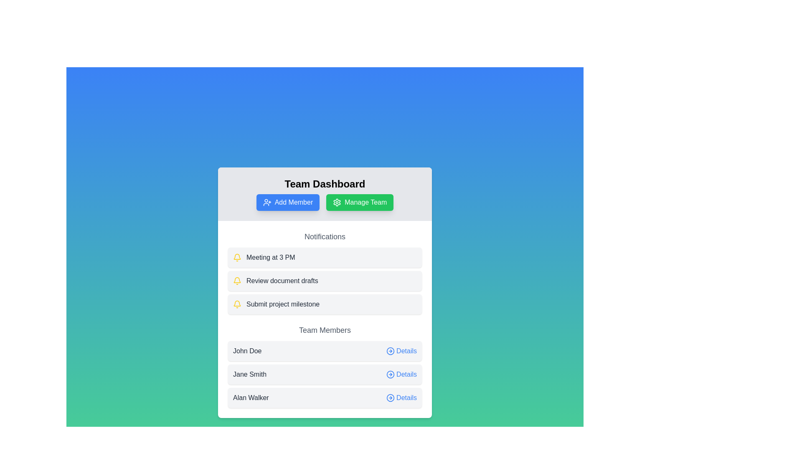 This screenshot has height=451, width=802. I want to click on informational text label that conveys a notification about a meeting scheduled at 3 PM, located in the first notification card under the 'Notifications' header in the 'Team Dashboard', so click(271, 257).